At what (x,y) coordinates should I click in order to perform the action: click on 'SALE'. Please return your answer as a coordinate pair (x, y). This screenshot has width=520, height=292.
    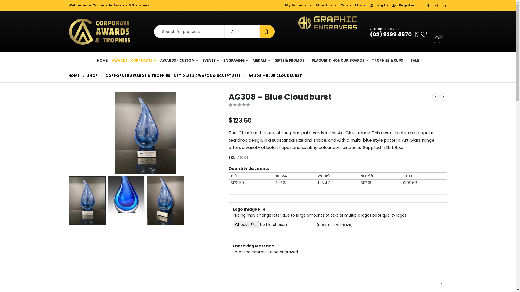
    Looking at the image, I should click on (414, 60).